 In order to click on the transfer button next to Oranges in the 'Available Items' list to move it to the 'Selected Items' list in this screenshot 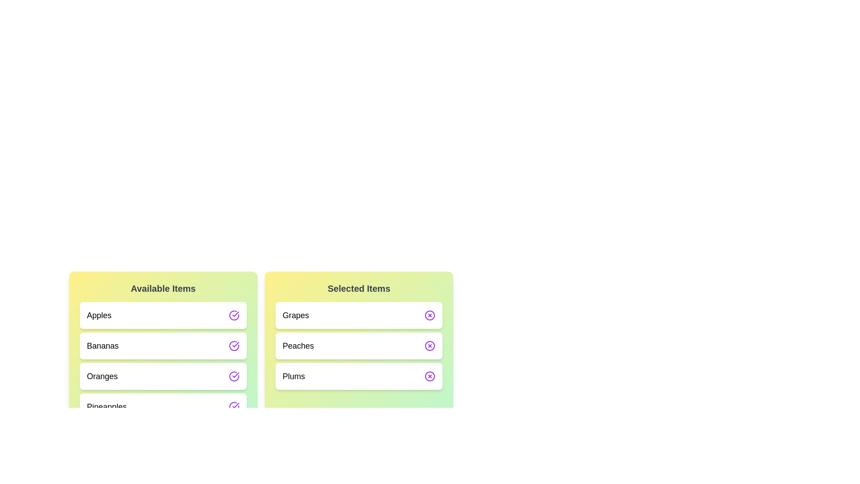, I will do `click(234, 376)`.